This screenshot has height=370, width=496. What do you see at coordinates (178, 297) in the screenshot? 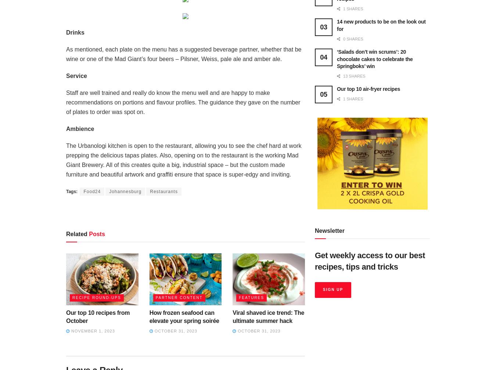
I see `'Partner content'` at bounding box center [178, 297].